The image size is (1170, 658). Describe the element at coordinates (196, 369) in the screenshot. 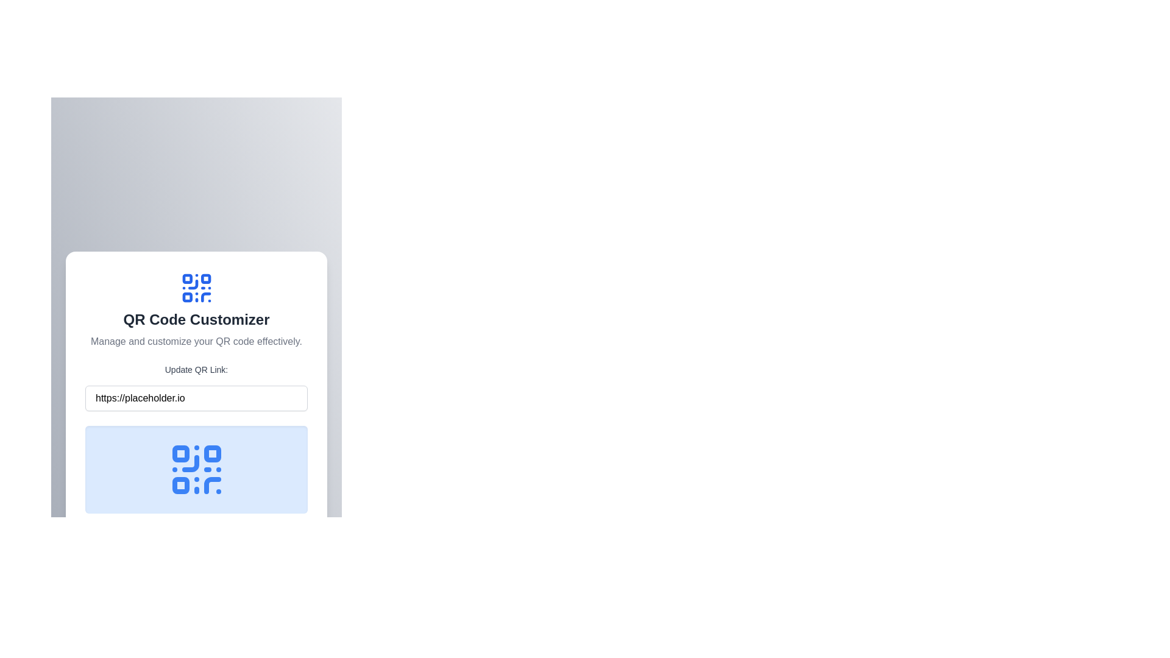

I see `the descriptive text label indicating the purpose of the input field for a QR link update, which is positioned above the input field with placeholder 'Enter your link here'` at that location.